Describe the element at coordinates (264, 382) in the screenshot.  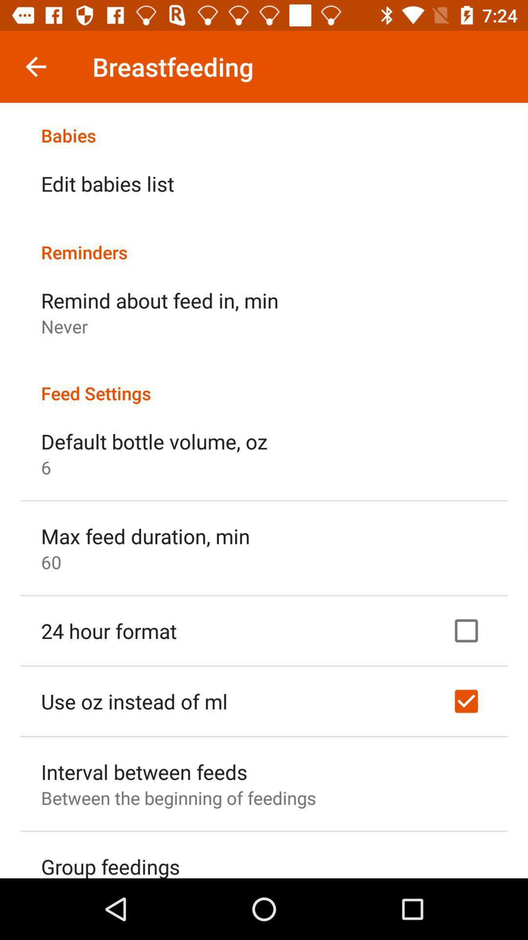
I see `the feed settings item` at that location.